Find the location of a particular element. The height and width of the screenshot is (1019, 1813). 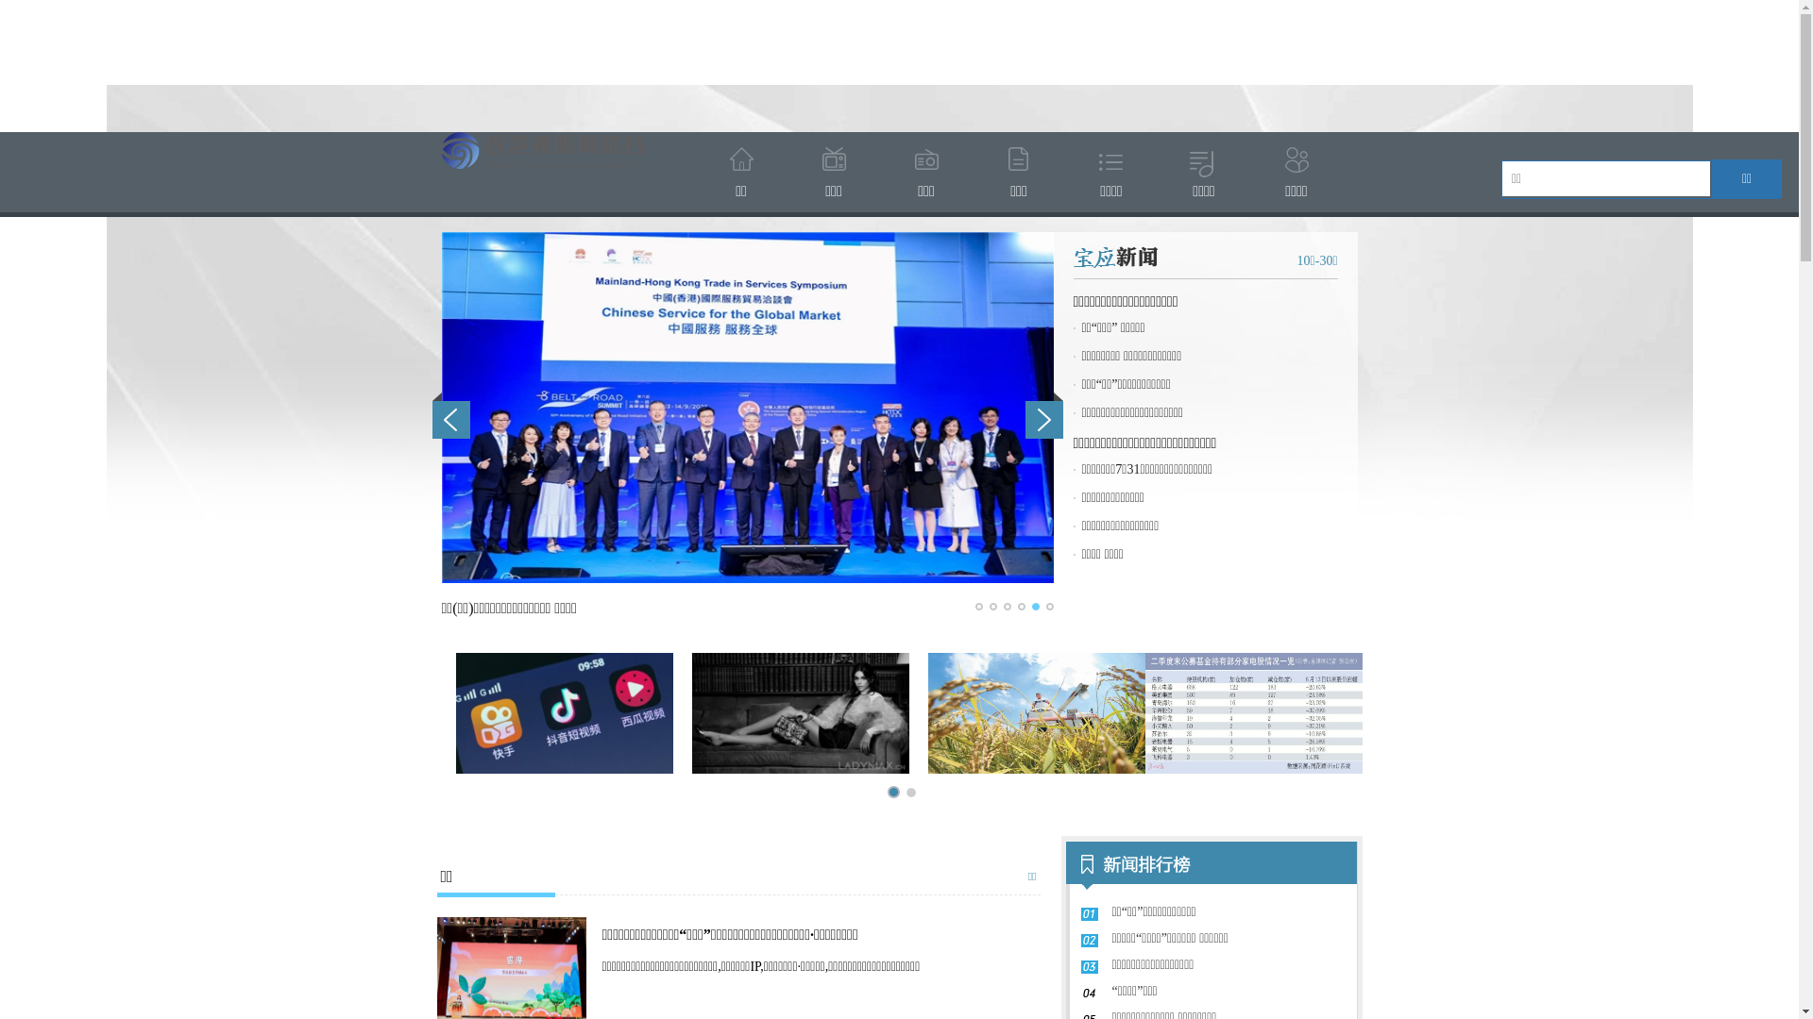

'2' is located at coordinates (988, 607).